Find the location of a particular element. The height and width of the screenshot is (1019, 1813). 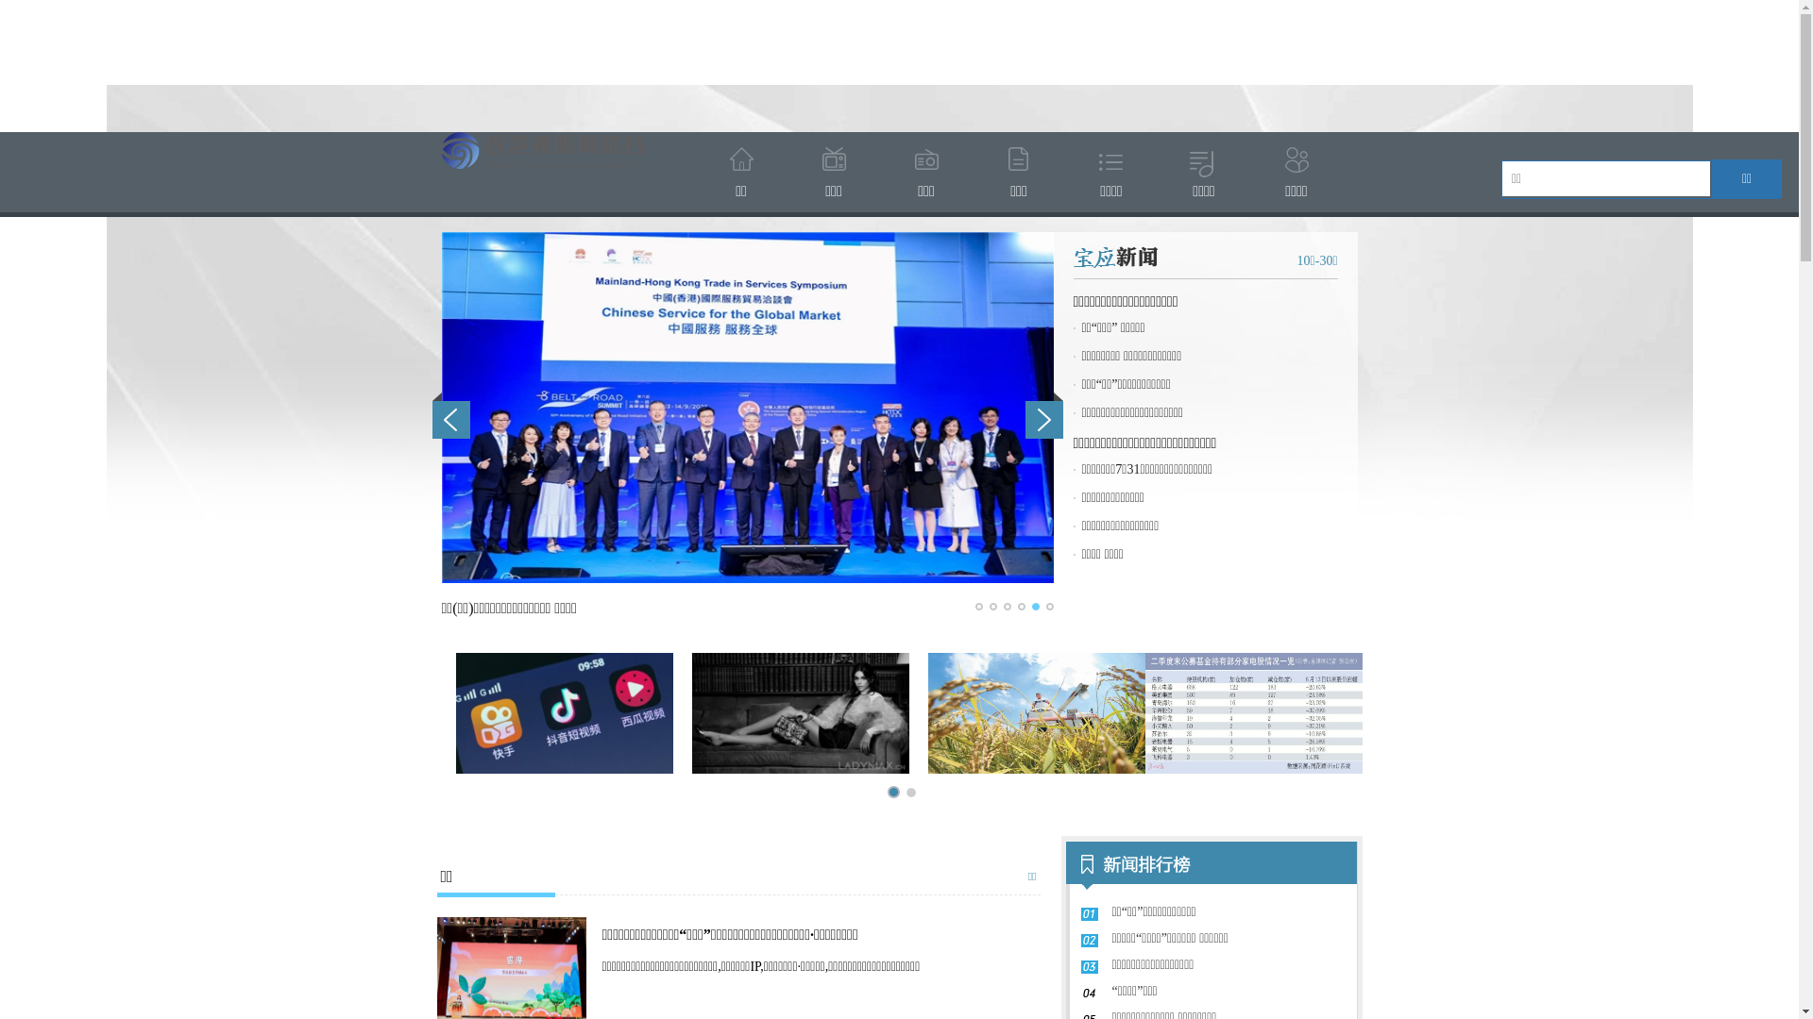

'2' is located at coordinates (988, 607).